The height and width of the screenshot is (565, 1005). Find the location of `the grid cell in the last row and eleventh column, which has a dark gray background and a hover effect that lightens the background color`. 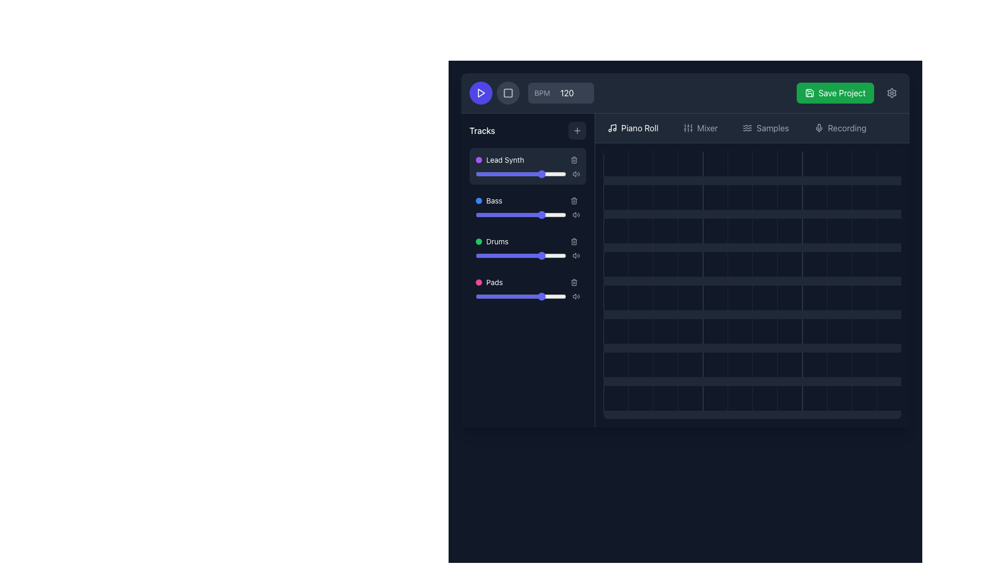

the grid cell in the last row and eleventh column, which has a dark gray background and a hover effect that lightens the background color is located at coordinates (864, 298).